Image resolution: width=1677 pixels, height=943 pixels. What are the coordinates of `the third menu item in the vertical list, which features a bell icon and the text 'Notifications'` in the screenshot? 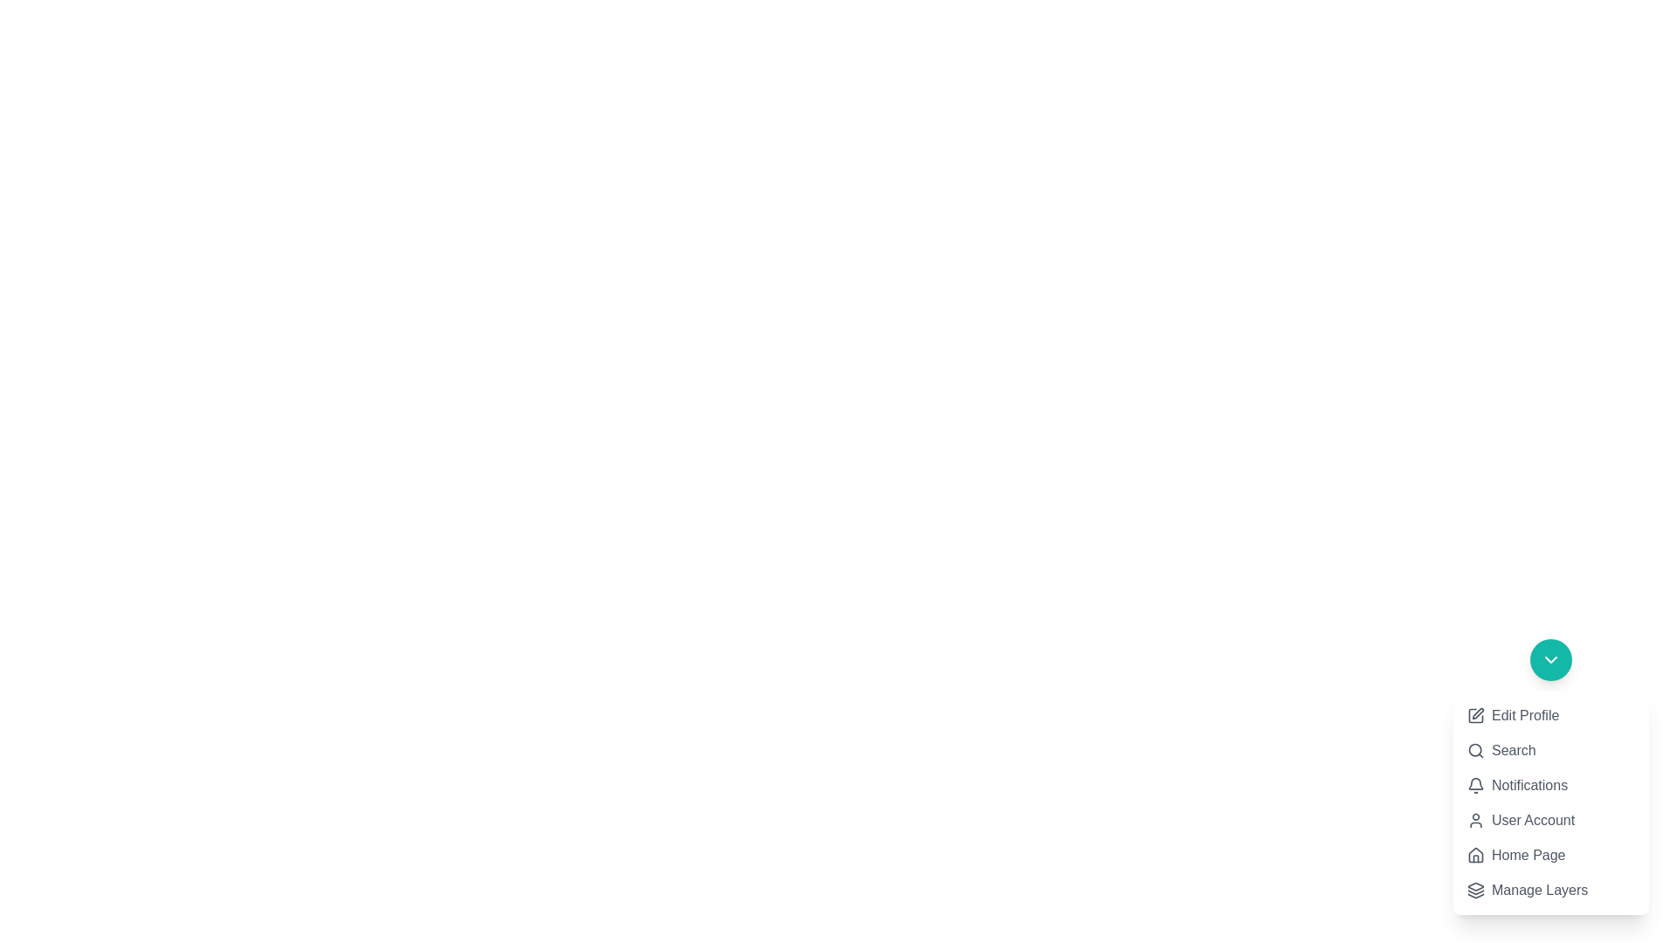 It's located at (1551, 776).